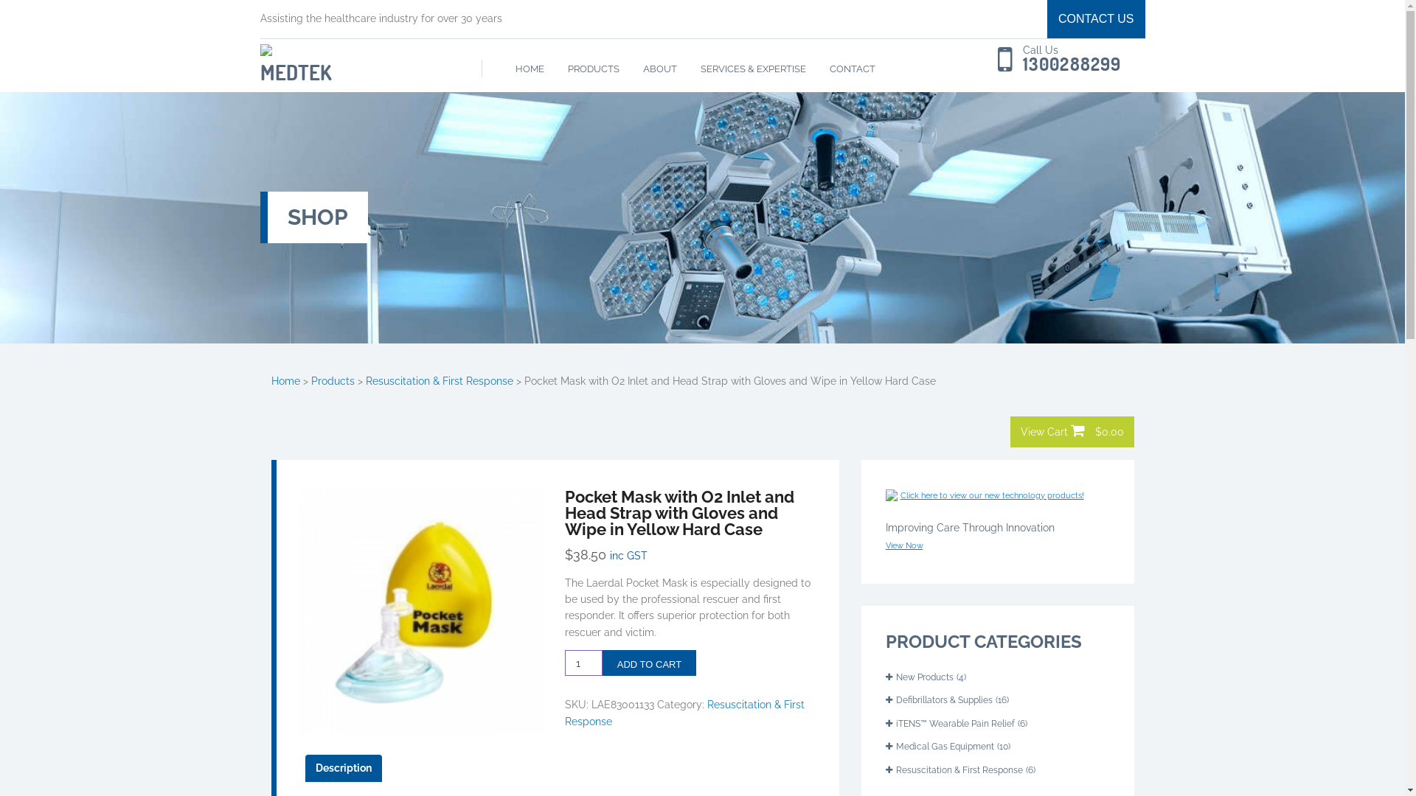  Describe the element at coordinates (583, 662) in the screenshot. I see `'Qty'` at that location.